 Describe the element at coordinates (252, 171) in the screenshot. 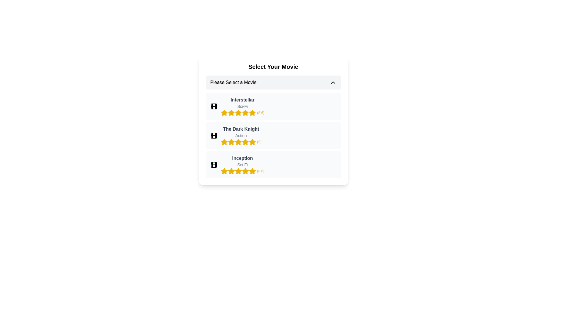

I see `the third star in the rating system for the movie 'Inception' in the 'Please Select a Movie' section` at that location.